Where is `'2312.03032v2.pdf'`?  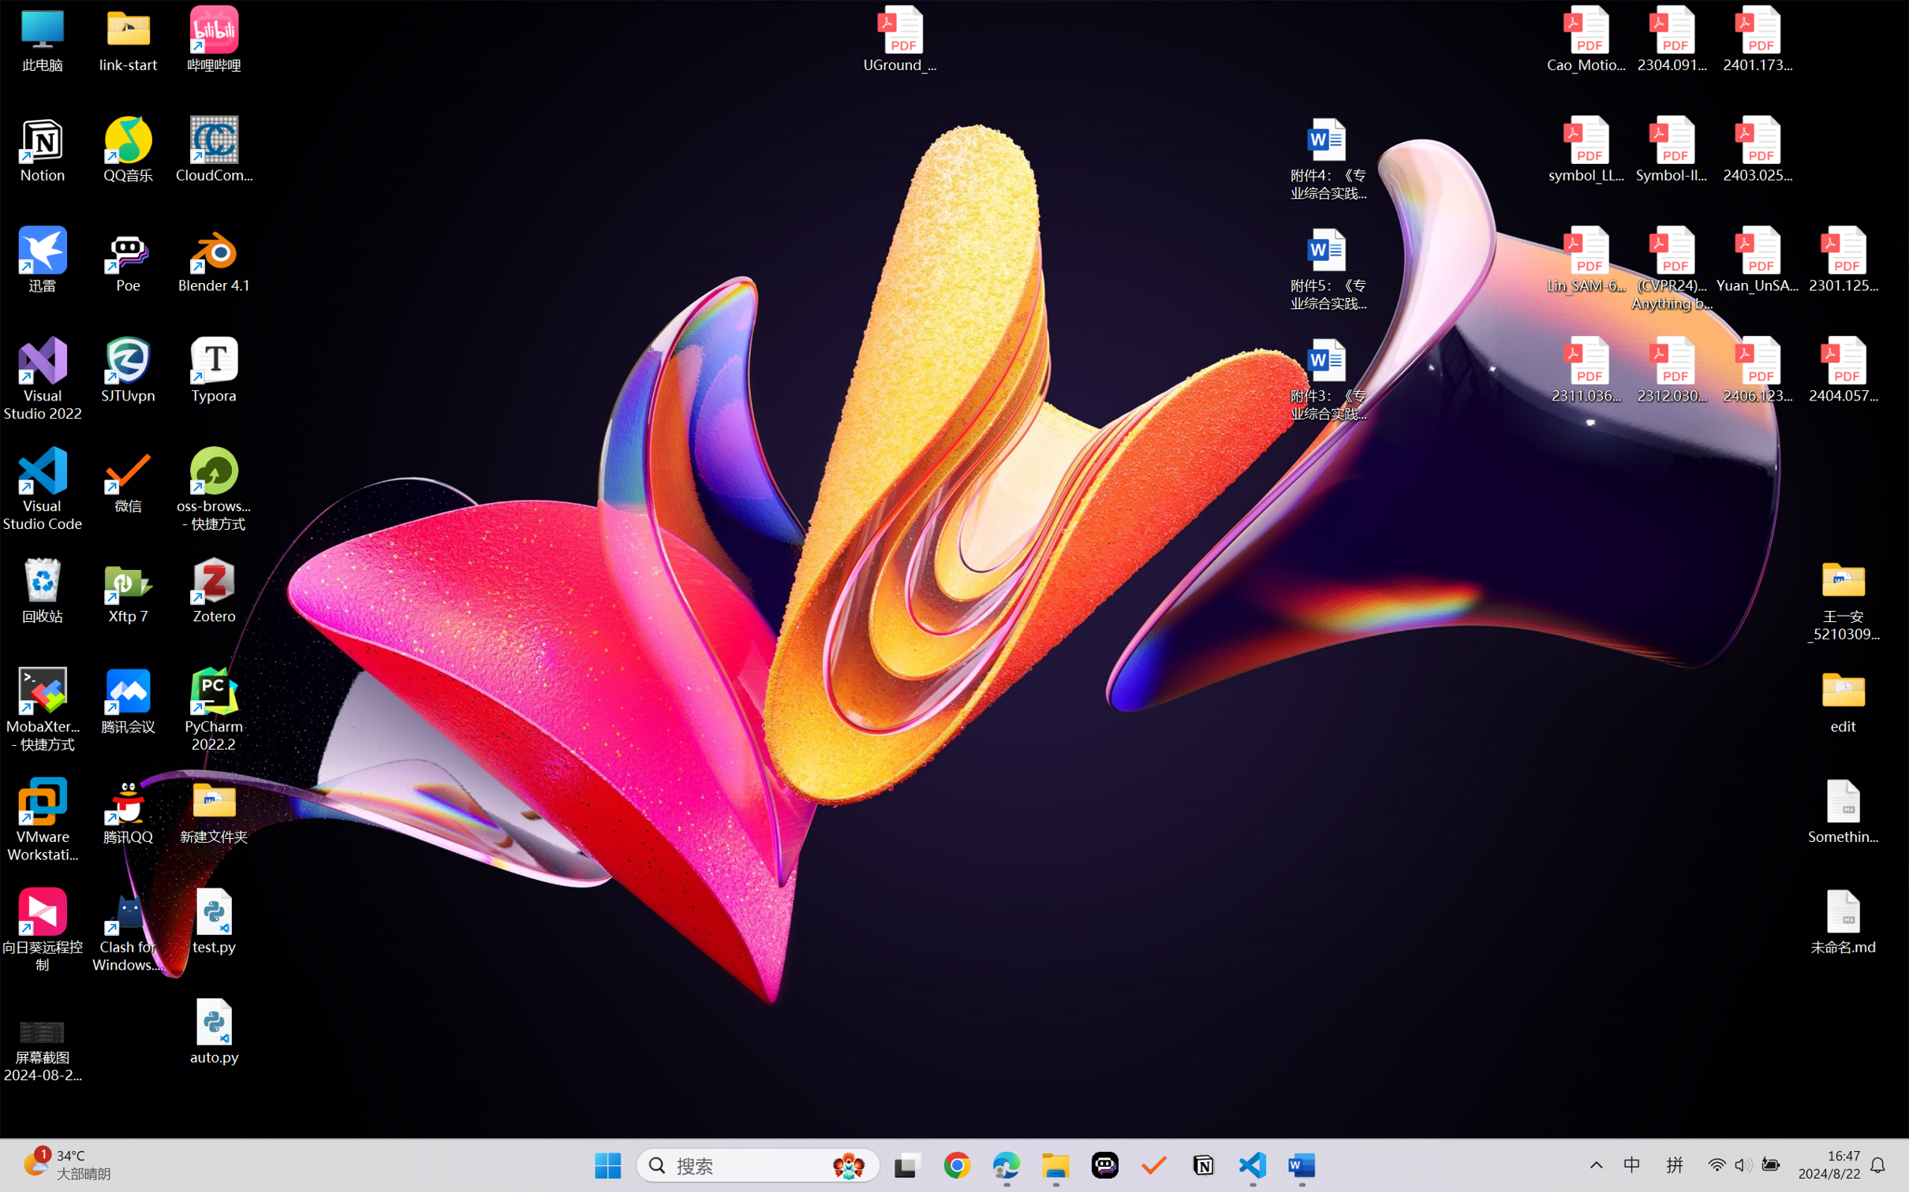
'2312.03032v2.pdf' is located at coordinates (1671, 370).